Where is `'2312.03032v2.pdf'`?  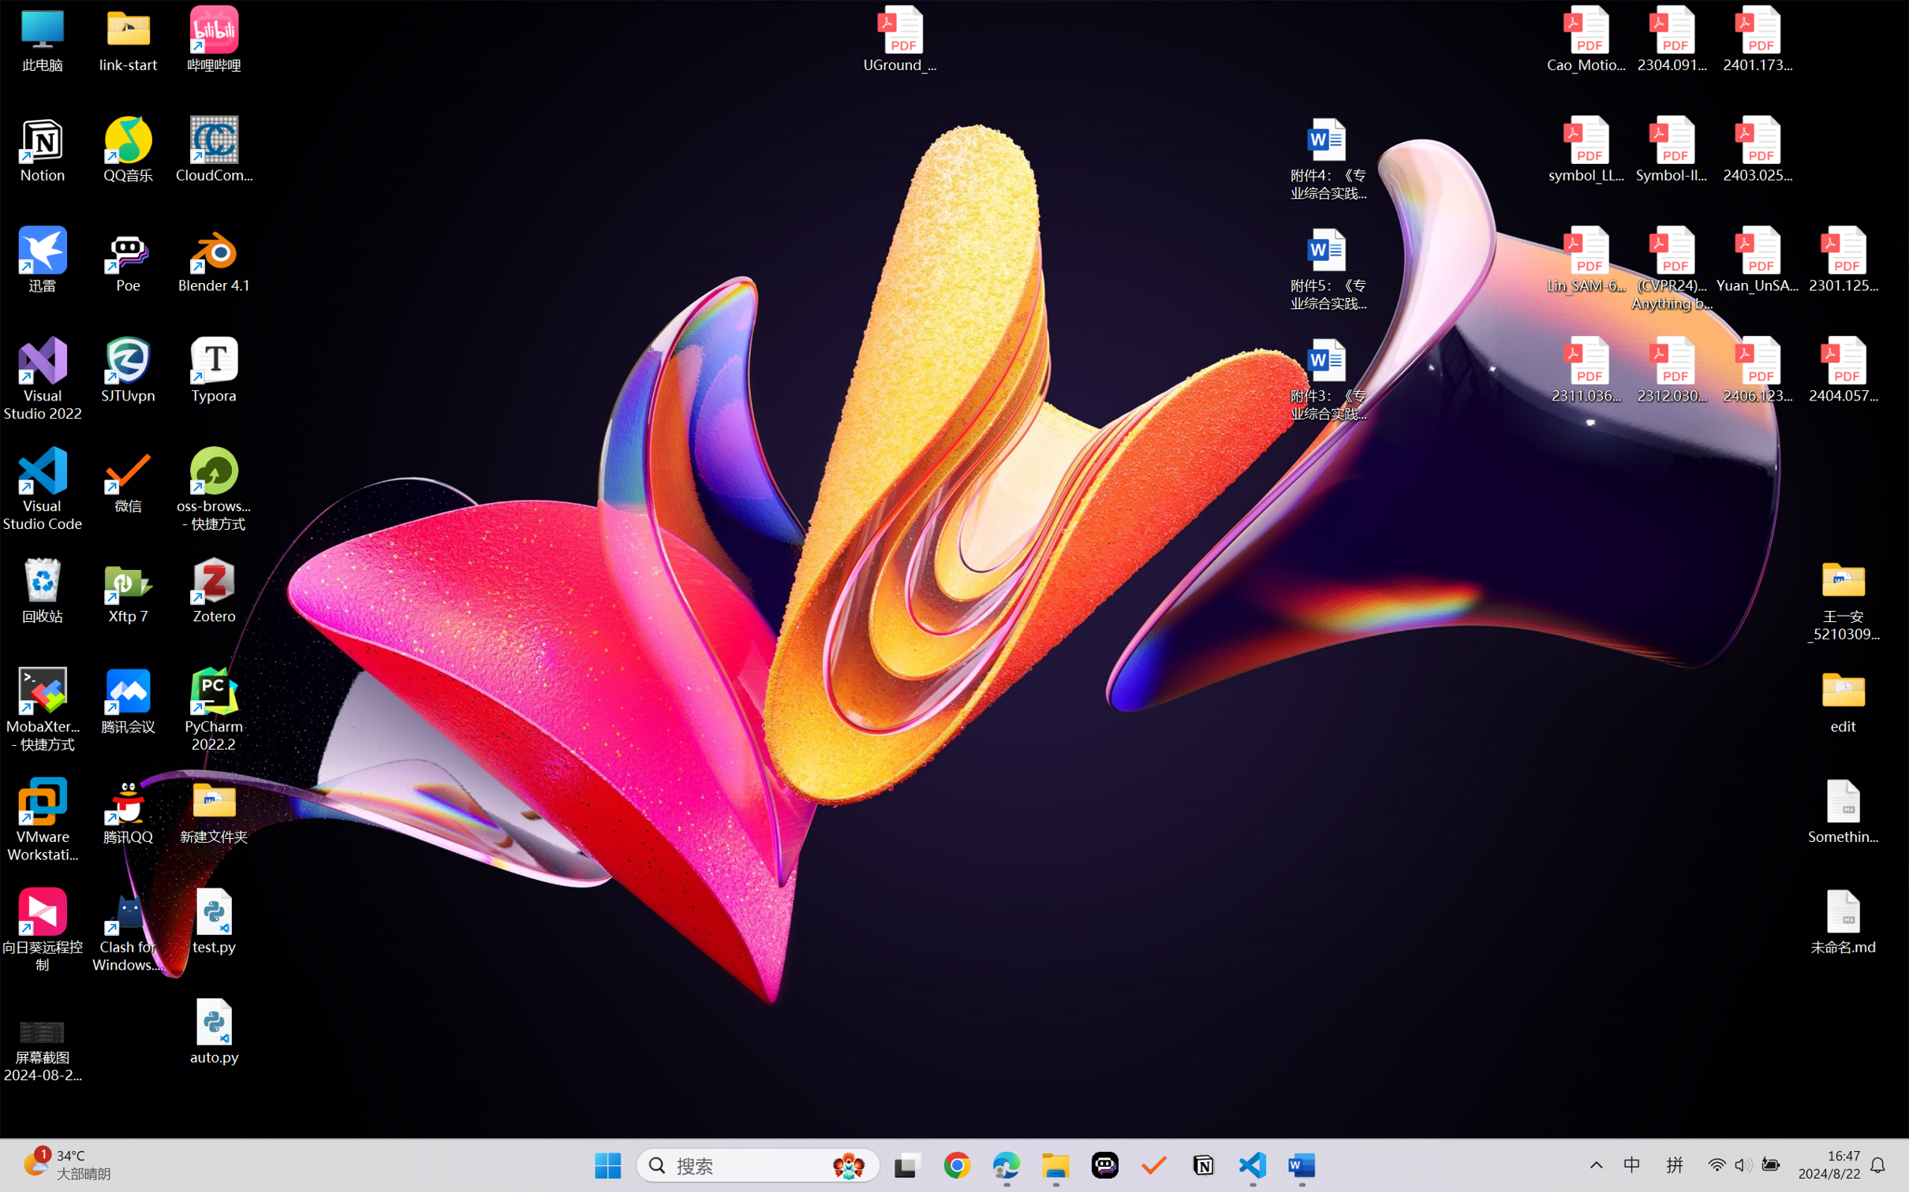
'2312.03032v2.pdf' is located at coordinates (1671, 370).